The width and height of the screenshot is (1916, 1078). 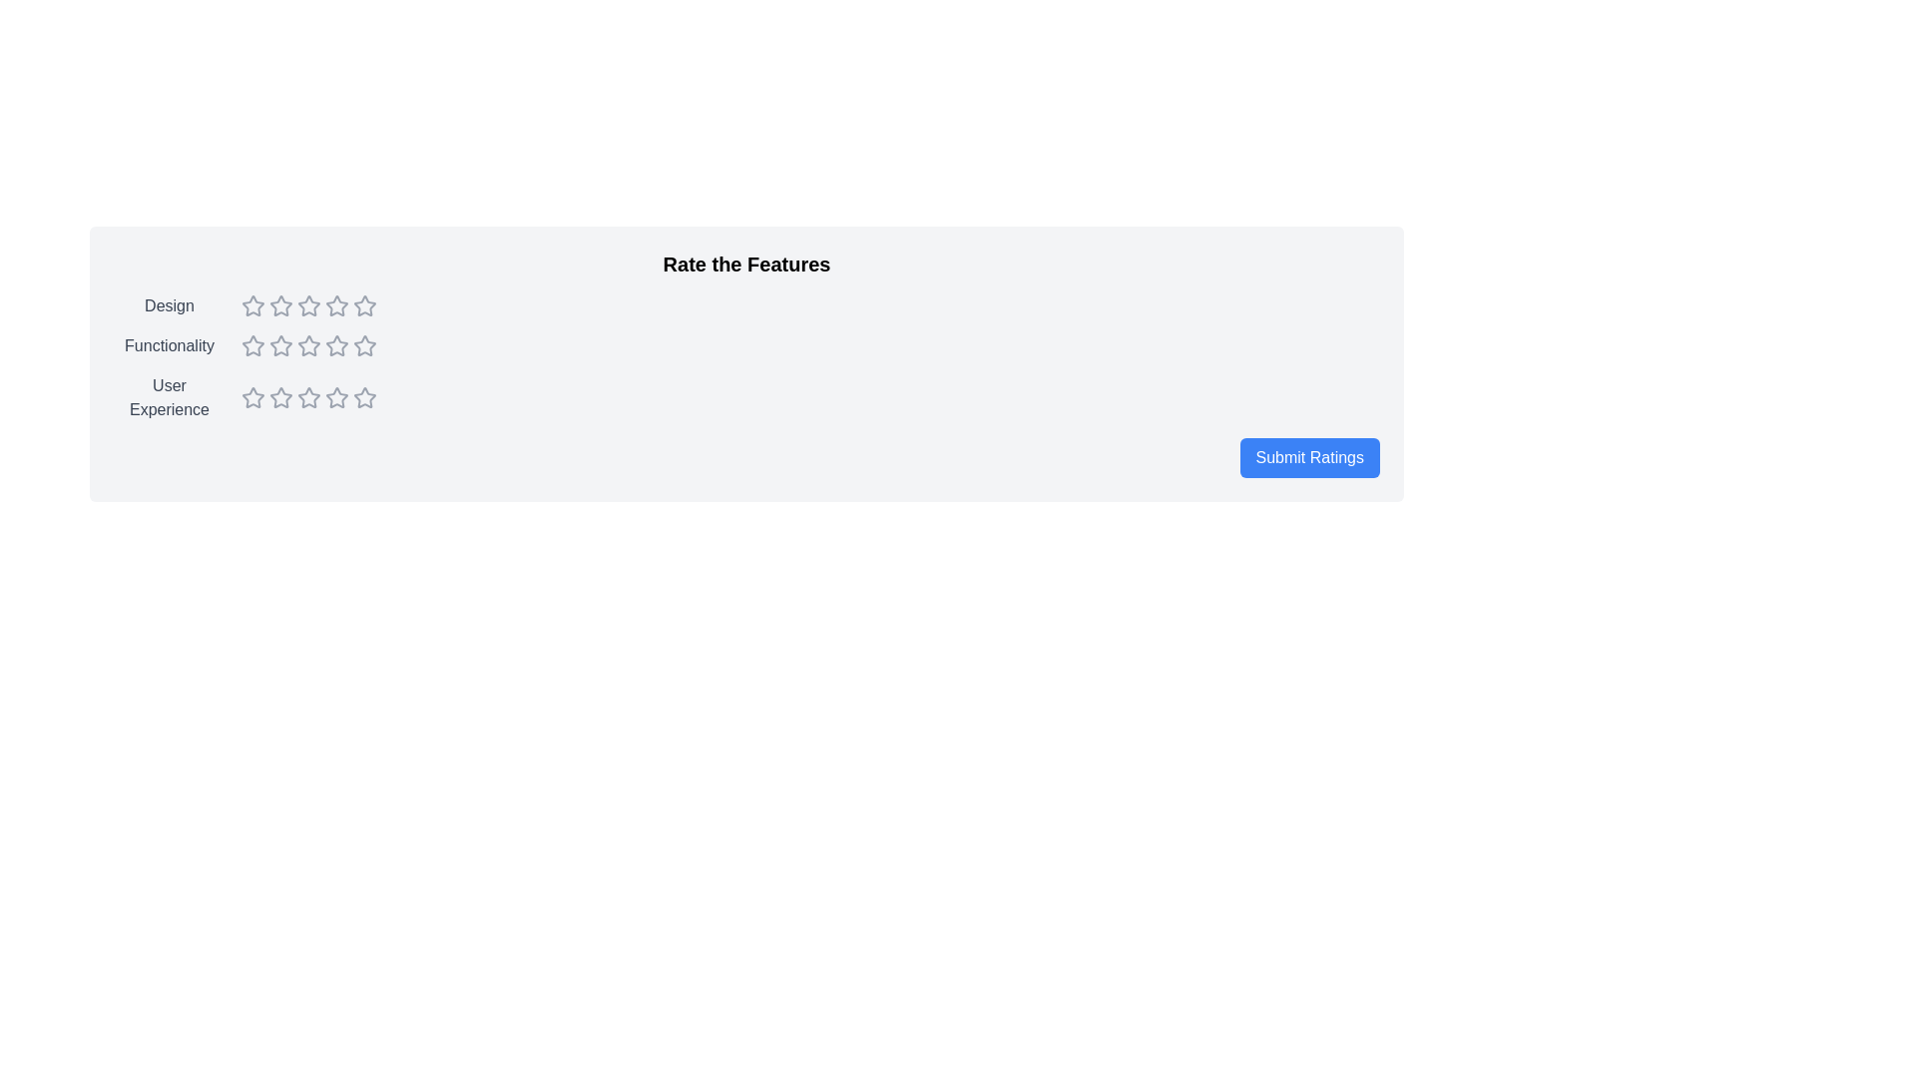 What do you see at coordinates (252, 306) in the screenshot?
I see `the first star icon in the ratings component representing the 'Design' criterion, which has a gray outline with no fill` at bounding box center [252, 306].